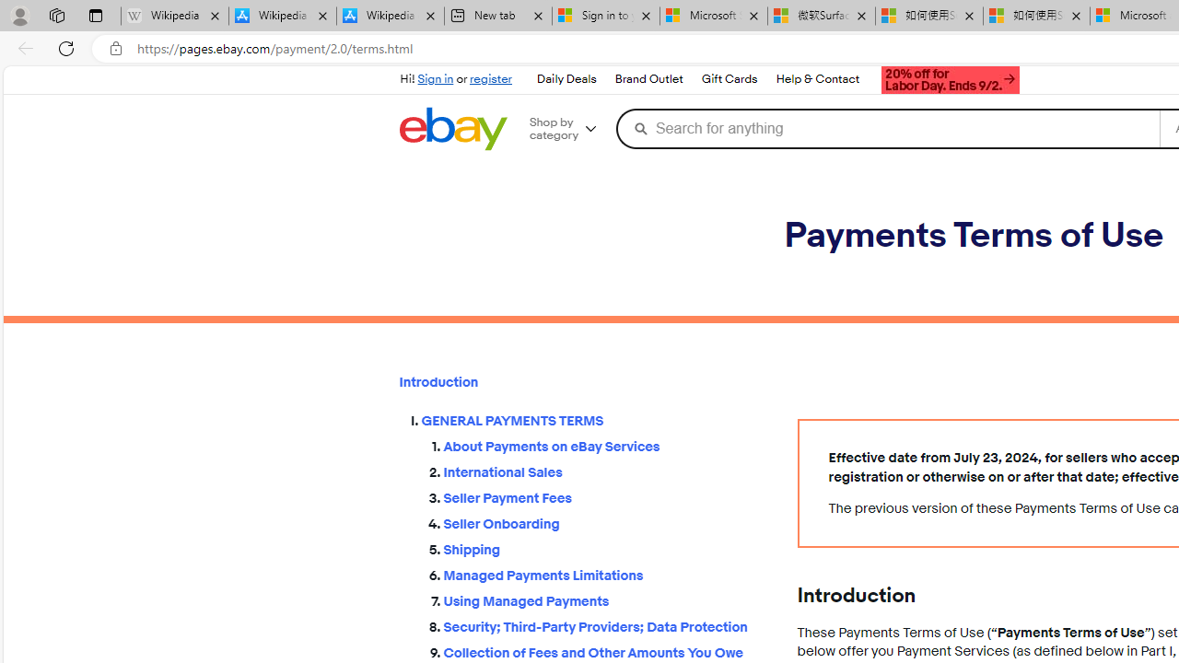  What do you see at coordinates (729, 79) in the screenshot?
I see `'Gift Cards'` at bounding box center [729, 79].